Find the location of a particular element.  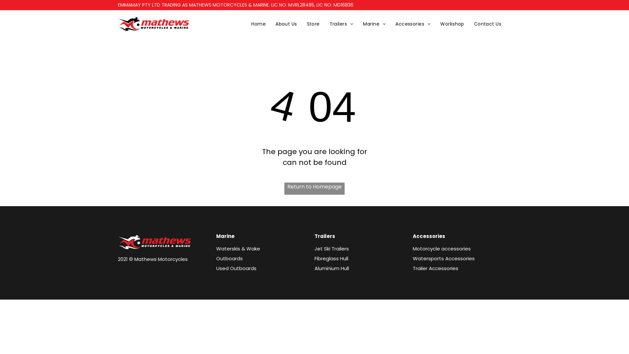

'Motorcycle accessories' is located at coordinates (442, 248).